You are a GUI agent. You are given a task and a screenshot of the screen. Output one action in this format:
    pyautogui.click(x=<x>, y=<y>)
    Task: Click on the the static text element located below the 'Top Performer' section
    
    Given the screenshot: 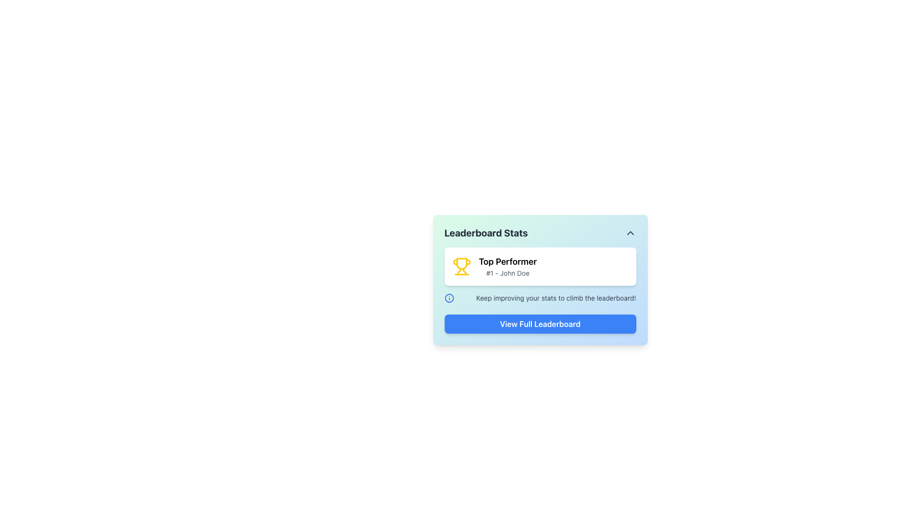 What is the action you would take?
    pyautogui.click(x=540, y=298)
    